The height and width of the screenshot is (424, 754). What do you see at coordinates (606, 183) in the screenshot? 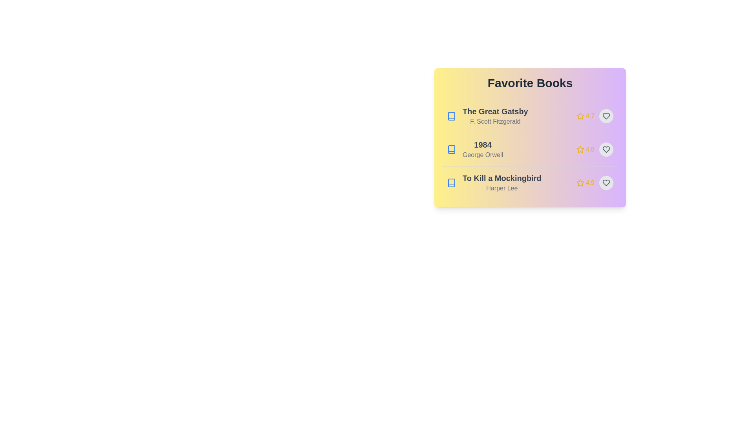
I see `heart icon to toggle the 'liked' state of the book titled To Kill a Mockingbird` at bounding box center [606, 183].